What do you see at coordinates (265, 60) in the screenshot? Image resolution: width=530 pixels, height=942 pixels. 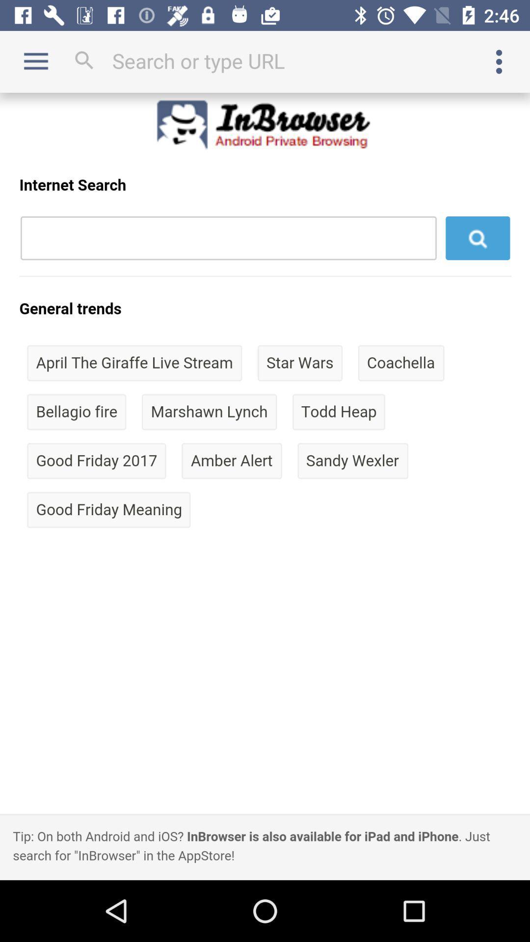 I see `search opption` at bounding box center [265, 60].